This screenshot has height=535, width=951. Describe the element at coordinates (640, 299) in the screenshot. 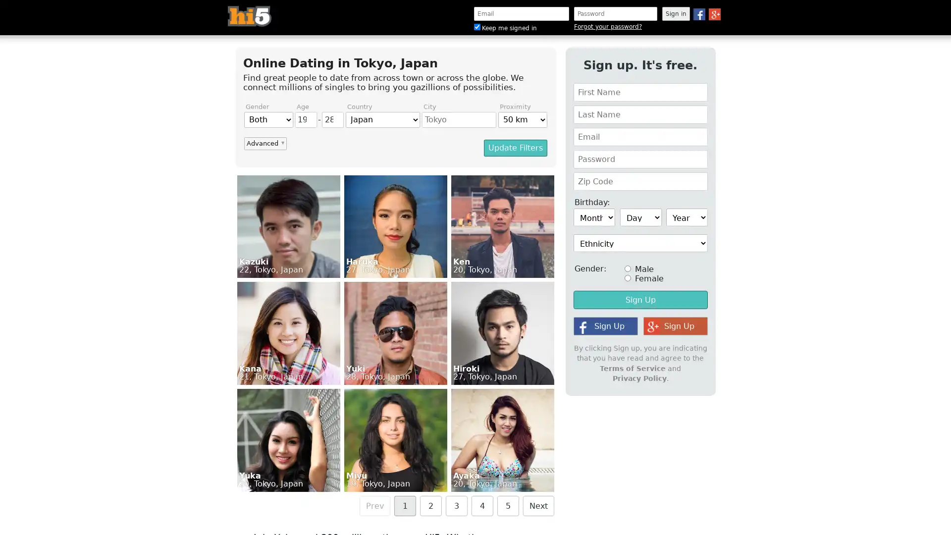

I see `Sign Up` at that location.